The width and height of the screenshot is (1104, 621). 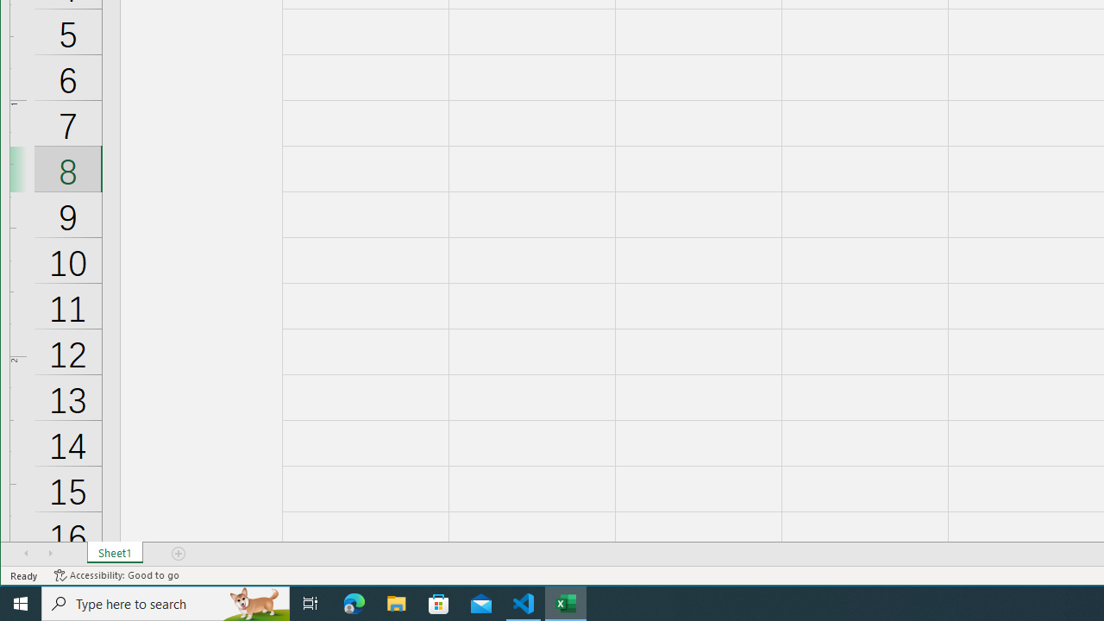 What do you see at coordinates (26, 553) in the screenshot?
I see `'Scroll Left'` at bounding box center [26, 553].